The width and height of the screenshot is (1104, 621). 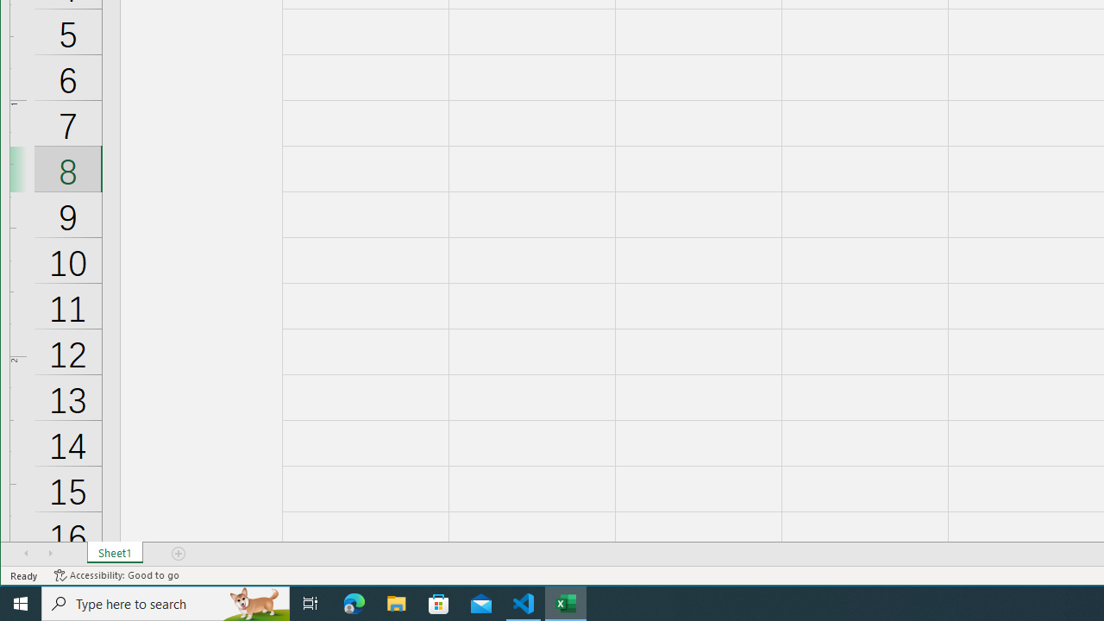 What do you see at coordinates (26, 553) in the screenshot?
I see `'Scroll Left'` at bounding box center [26, 553].